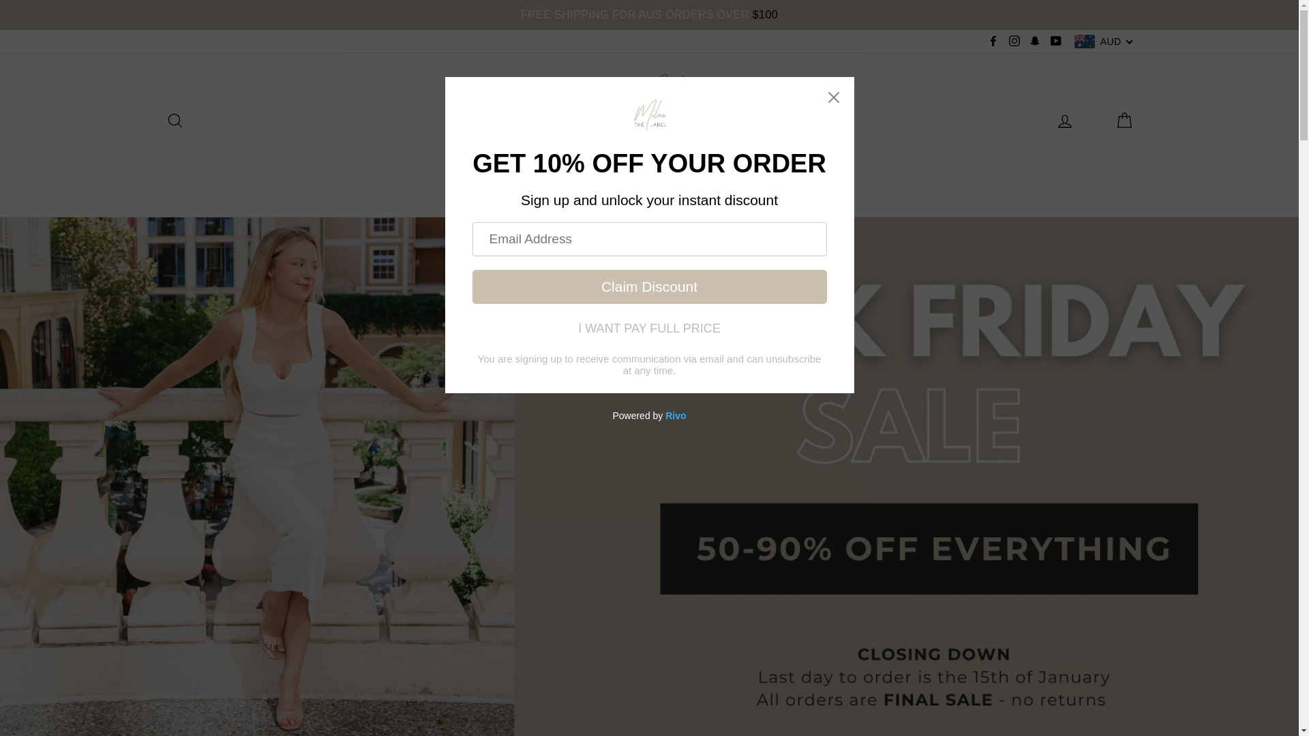 The height and width of the screenshot is (736, 1309). Describe the element at coordinates (546, 188) in the screenshot. I see `'SHOP'` at that location.